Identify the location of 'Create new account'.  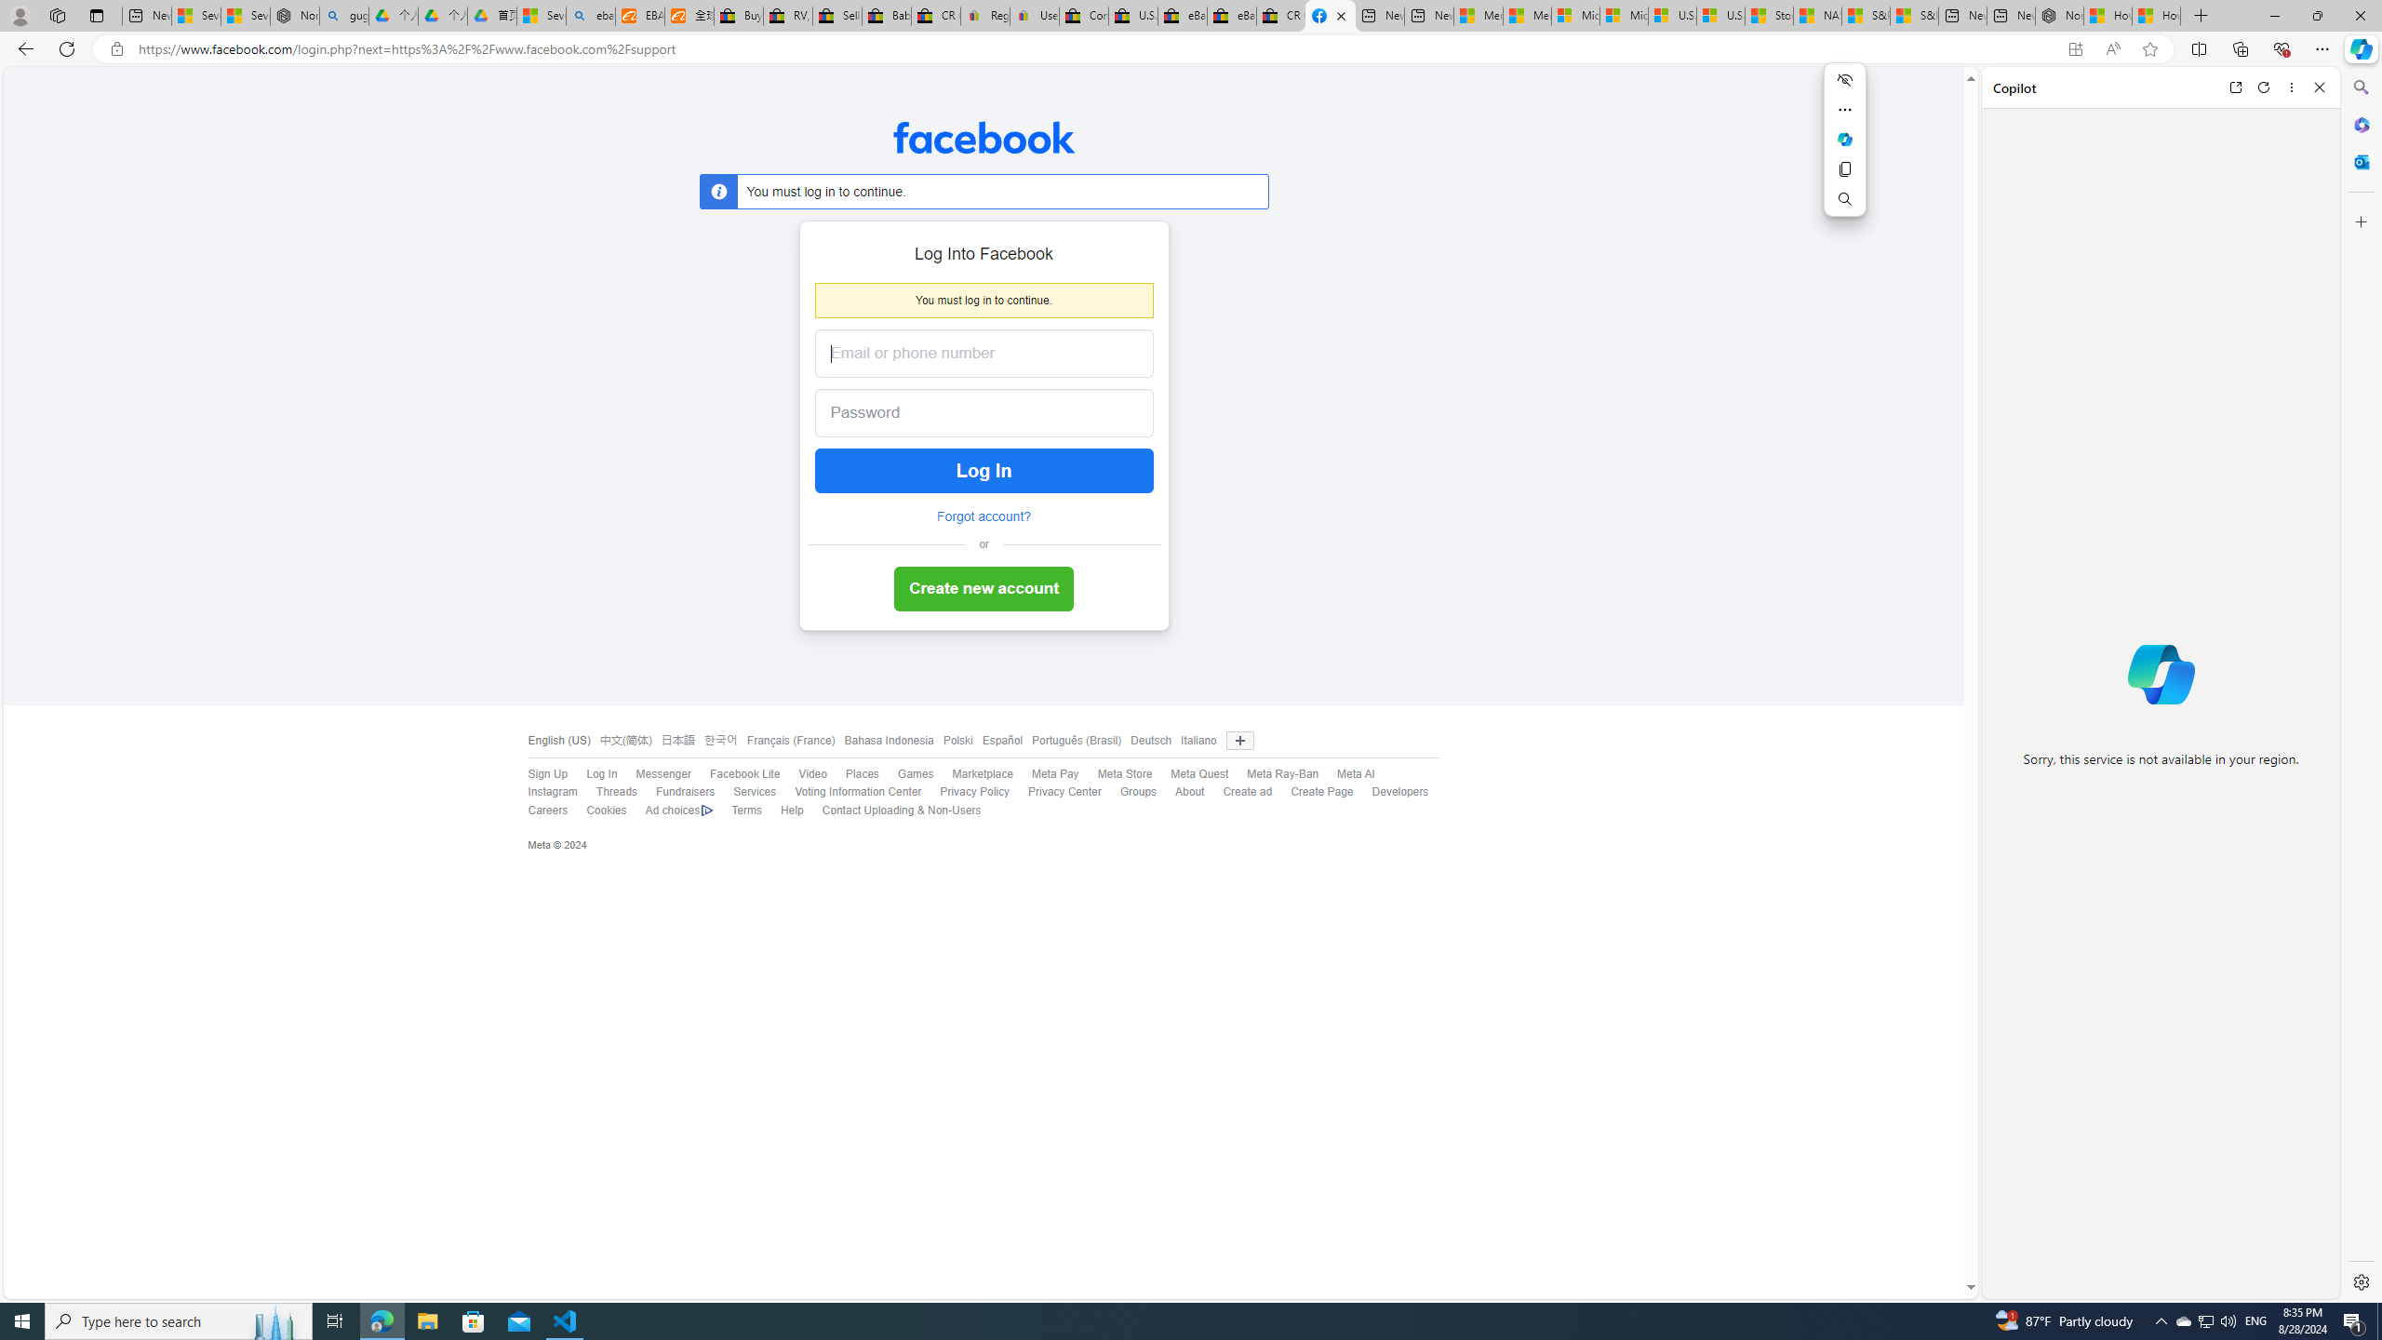
(983, 588).